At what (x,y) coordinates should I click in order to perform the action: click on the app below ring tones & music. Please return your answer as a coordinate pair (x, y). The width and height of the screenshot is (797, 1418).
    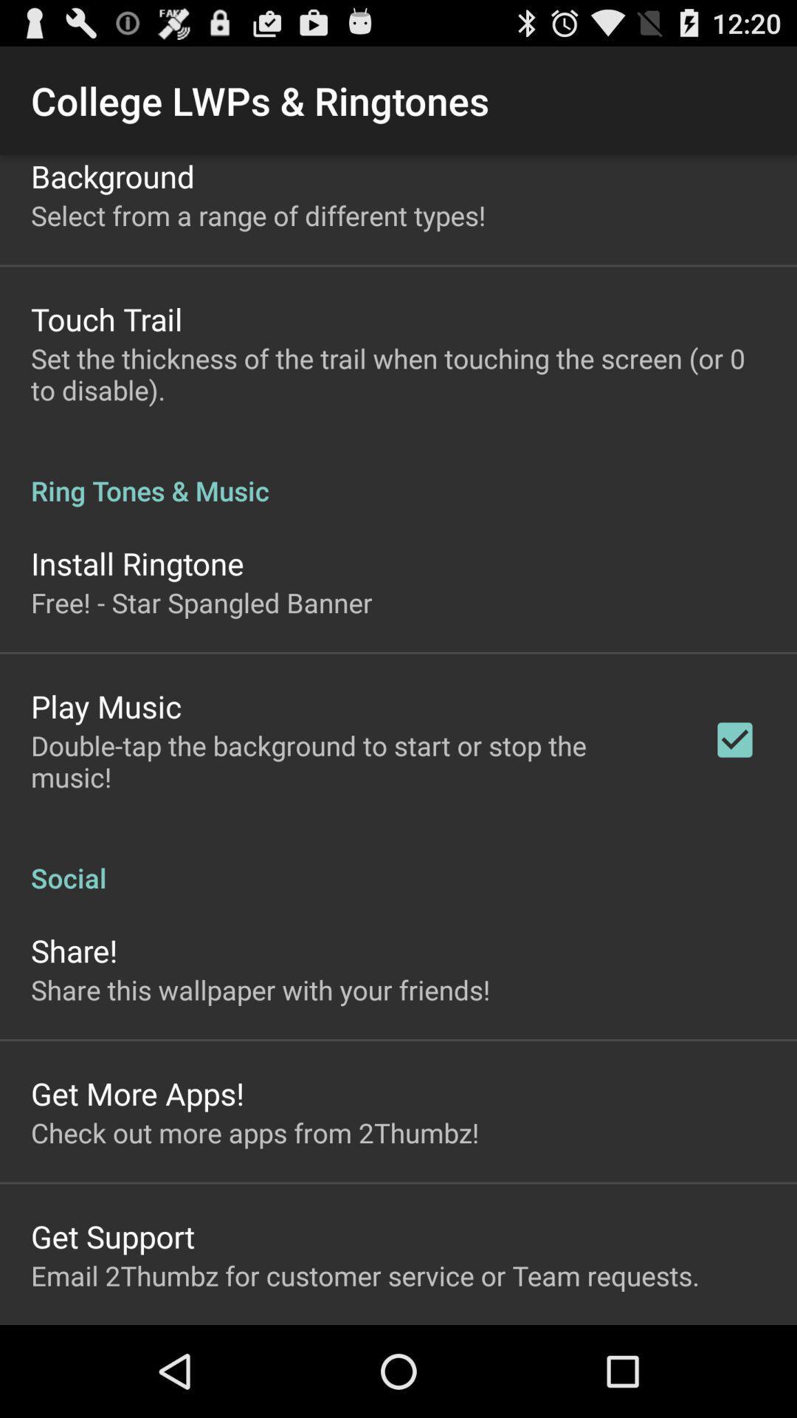
    Looking at the image, I should click on (137, 562).